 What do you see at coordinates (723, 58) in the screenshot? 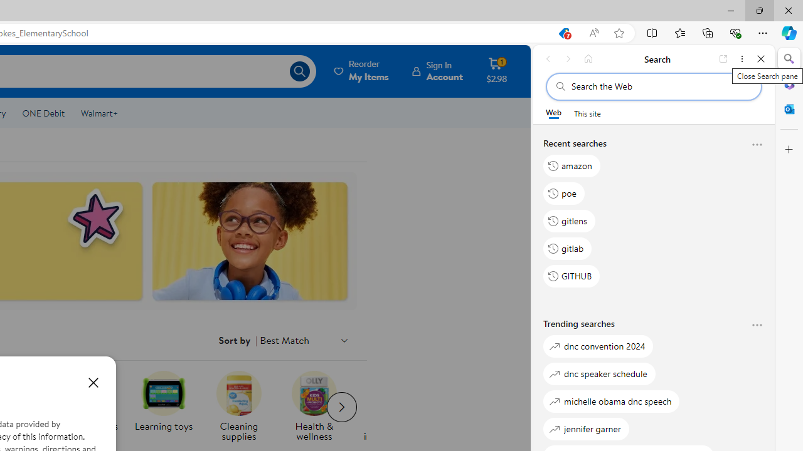
I see `'Open link in new tab'` at bounding box center [723, 58].